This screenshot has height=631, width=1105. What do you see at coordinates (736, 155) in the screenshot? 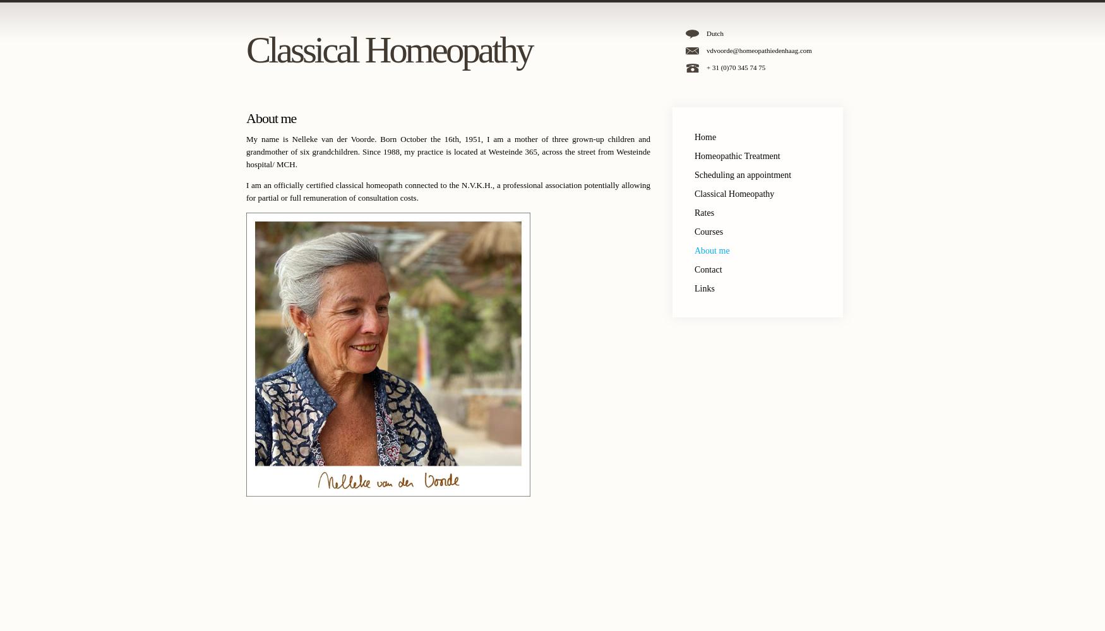
I see `'Homeopathic Treatment'` at bounding box center [736, 155].